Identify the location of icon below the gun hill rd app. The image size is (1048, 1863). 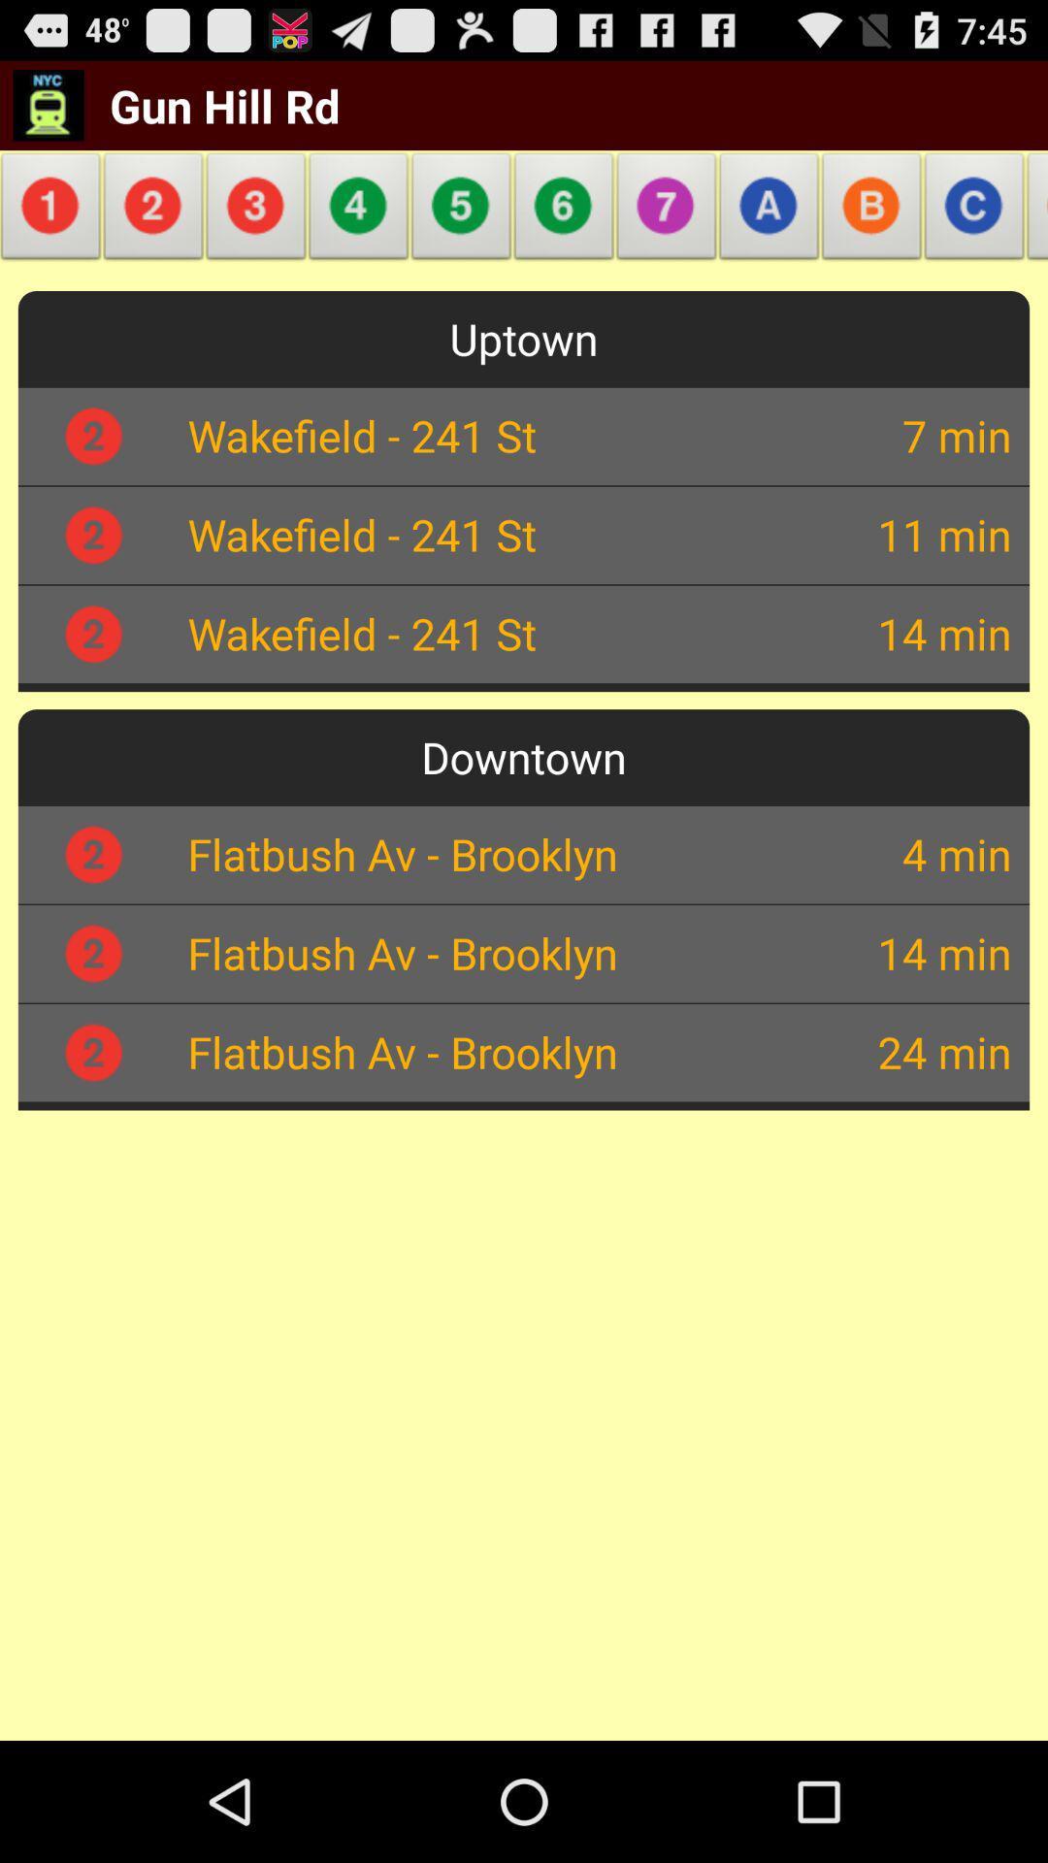
(152, 212).